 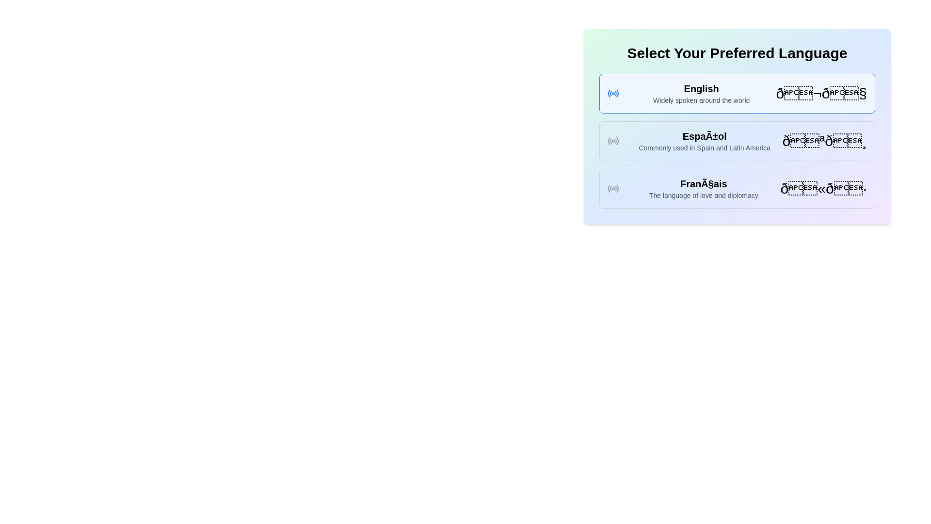 What do you see at coordinates (824, 141) in the screenshot?
I see `the Spanish (Español) language selection icon located at the rightmost side of the language options` at bounding box center [824, 141].